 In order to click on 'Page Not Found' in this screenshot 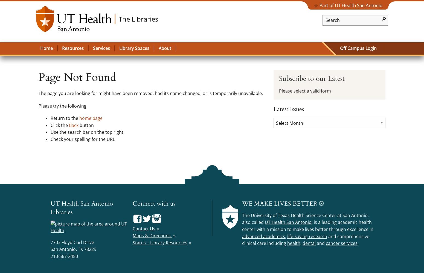, I will do `click(77, 77)`.